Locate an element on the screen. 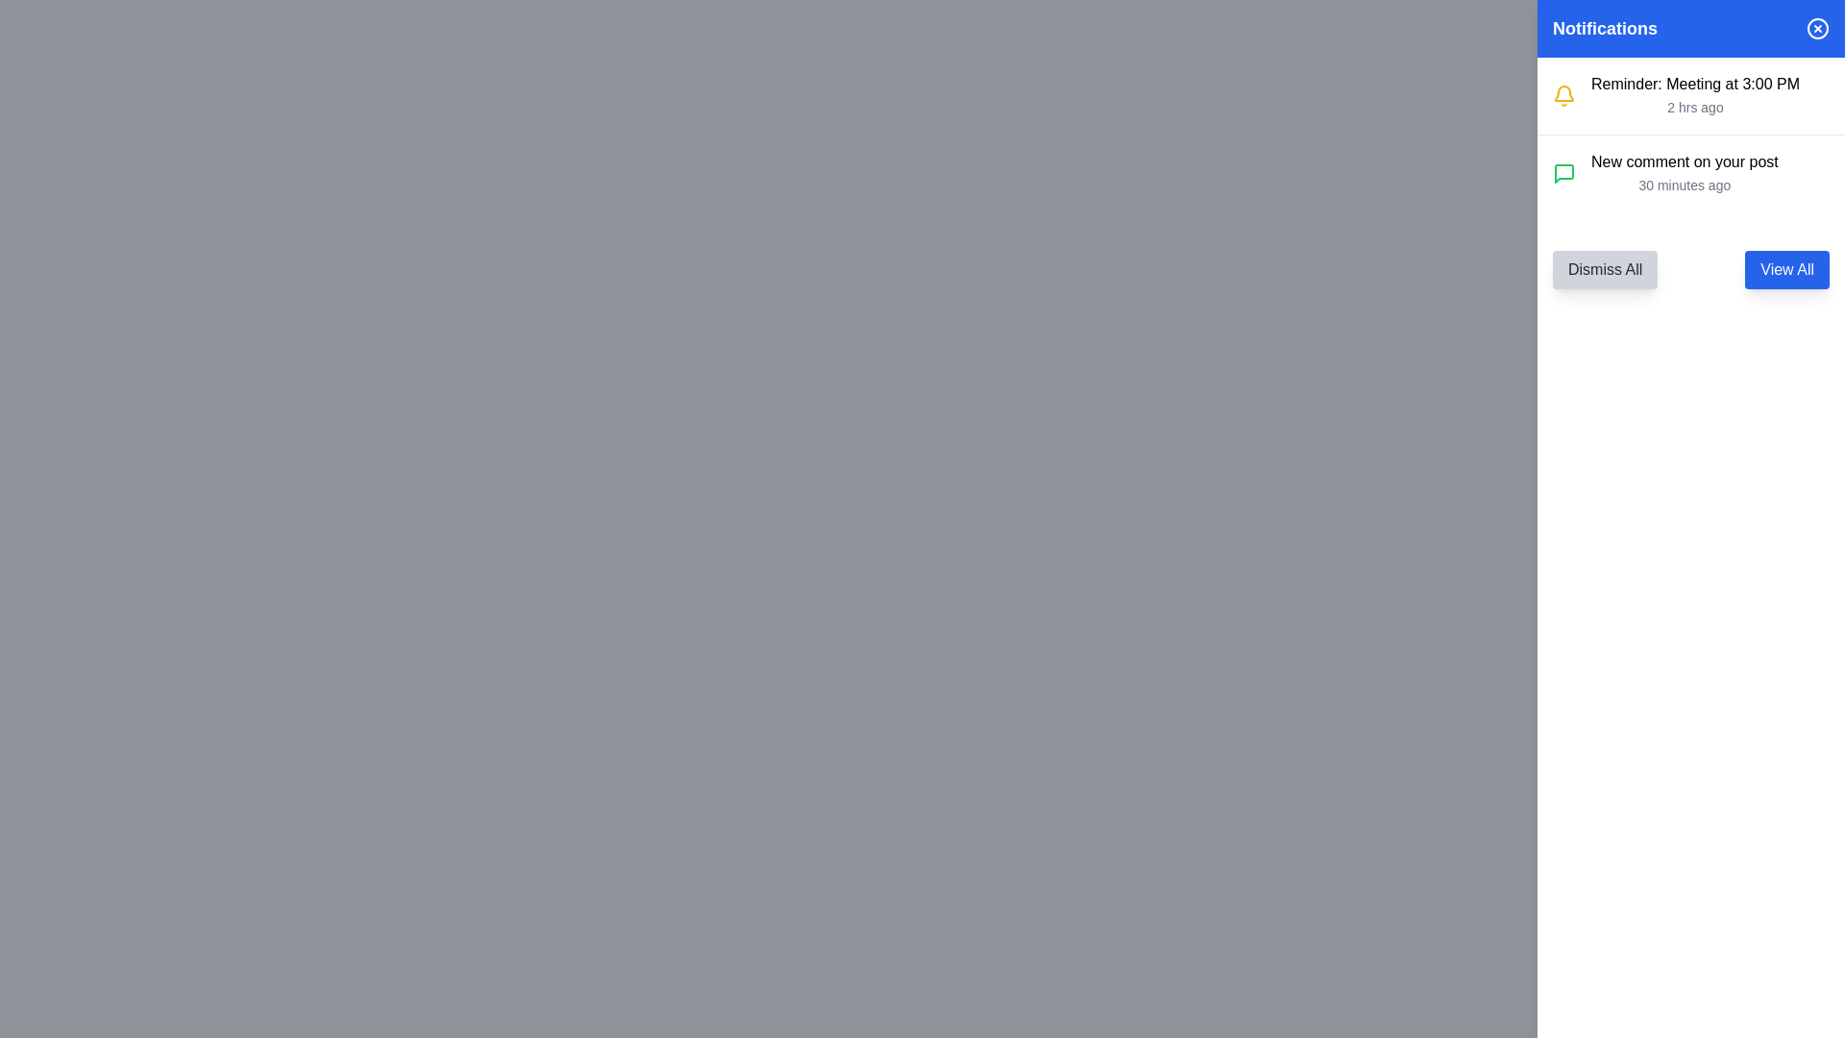 This screenshot has height=1038, width=1845. notification text from the text block element that displays 'Reminder: Meeting at 3:00 PM' and '2 hrs ago' in the right-side notification panel is located at coordinates (1695, 96).